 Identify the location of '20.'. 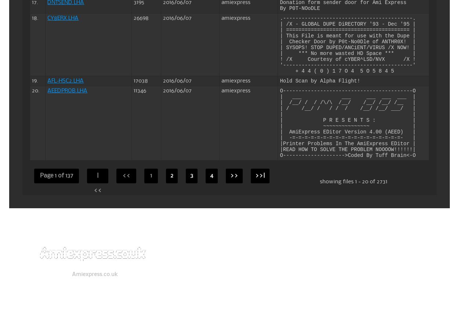
(32, 90).